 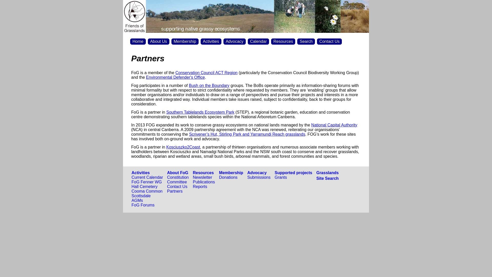 What do you see at coordinates (327, 173) in the screenshot?
I see `'Grasslands'` at bounding box center [327, 173].